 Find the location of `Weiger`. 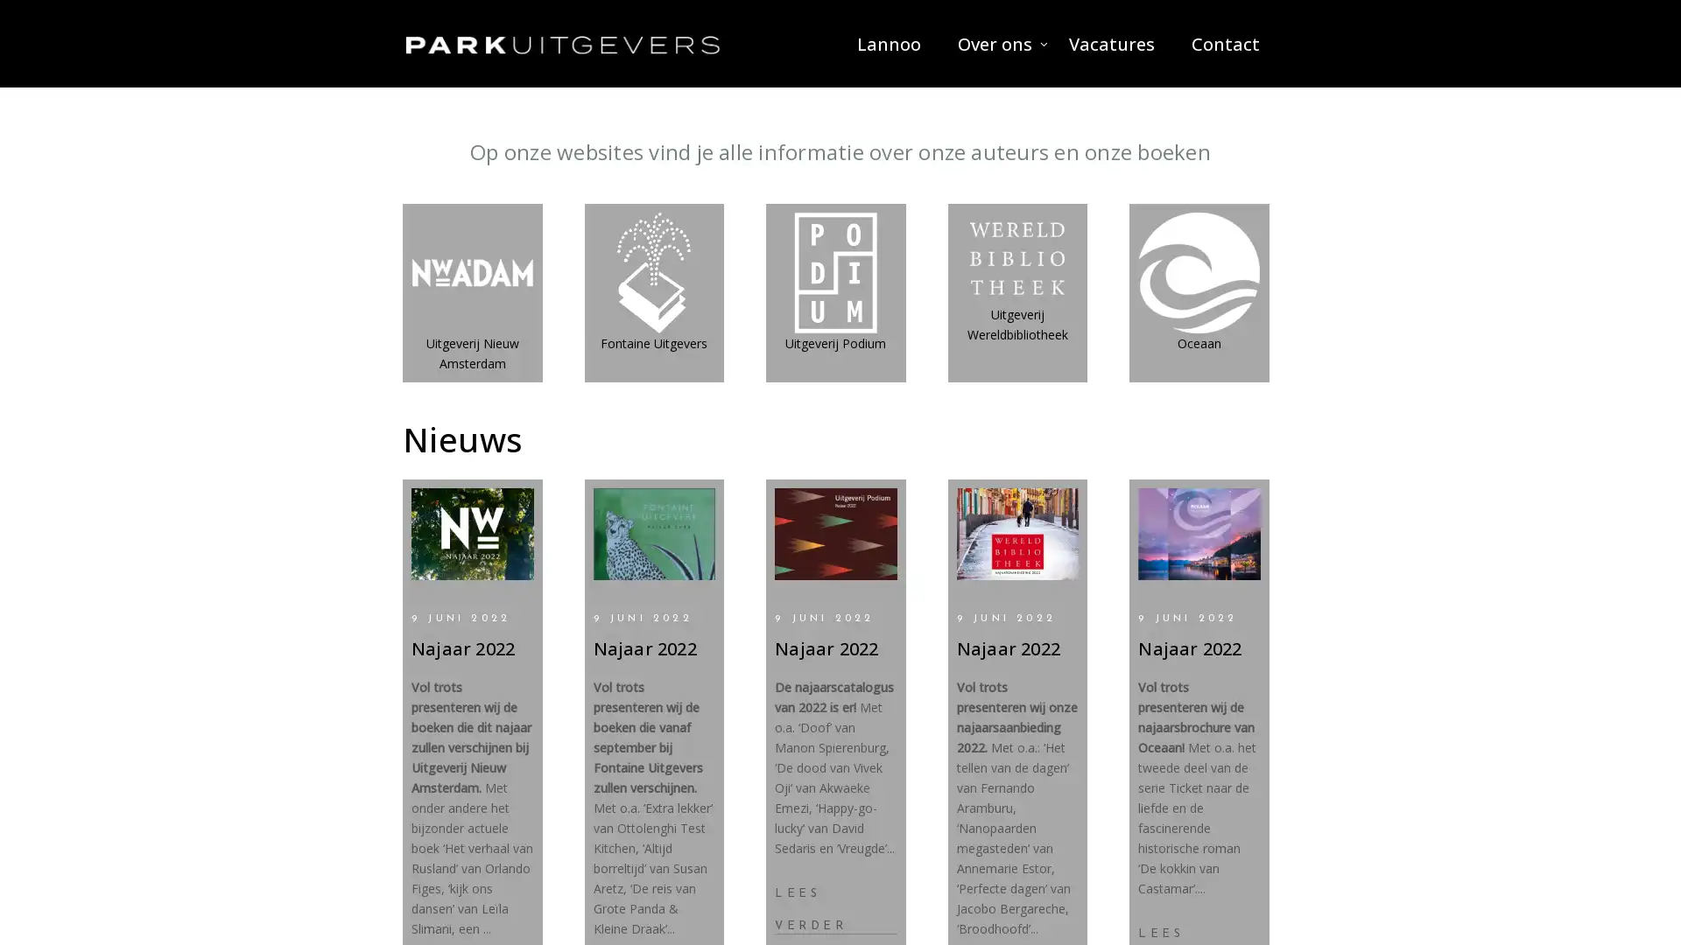

Weiger is located at coordinates (840, 534).